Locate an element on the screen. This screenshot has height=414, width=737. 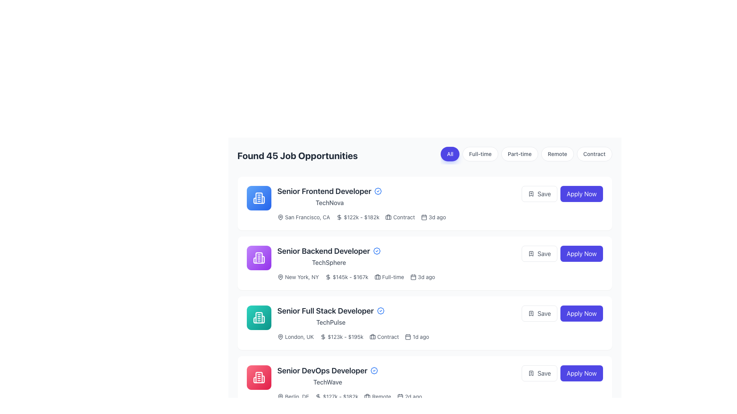
the rounded square icon with a purple gradient background, featuring a white outline of a building icon, which is the leftmost icon of the second job post under the 'Senior Backend Developer' section is located at coordinates (259, 258).